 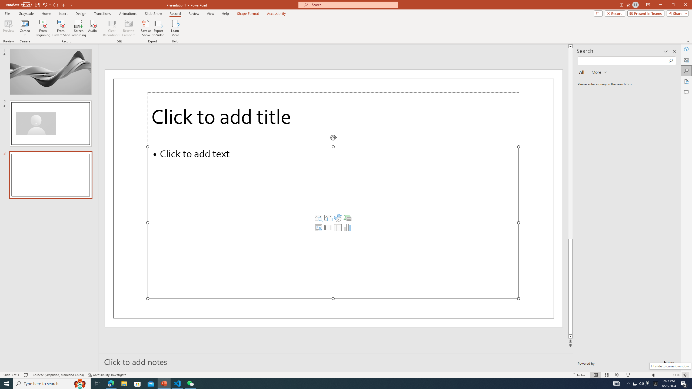 I want to click on 'Insert Video', so click(x=328, y=227).